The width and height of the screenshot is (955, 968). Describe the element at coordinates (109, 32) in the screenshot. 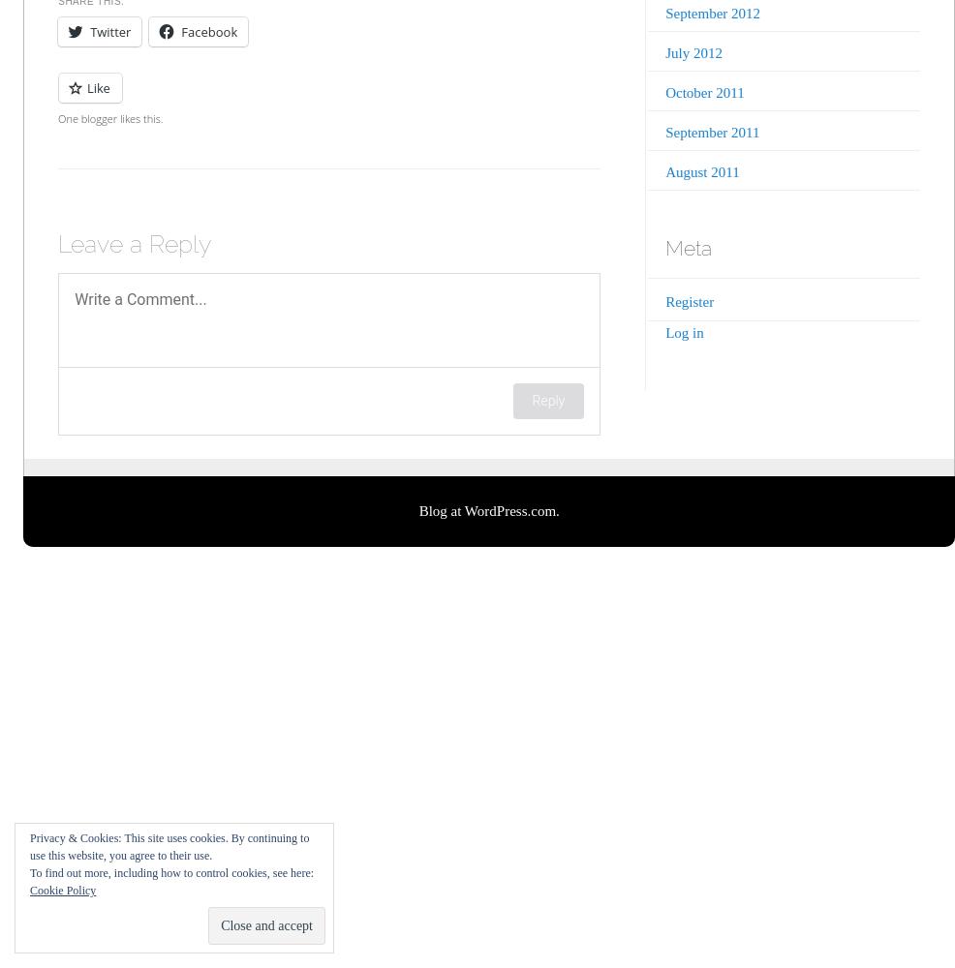

I see `'Twitter'` at that location.